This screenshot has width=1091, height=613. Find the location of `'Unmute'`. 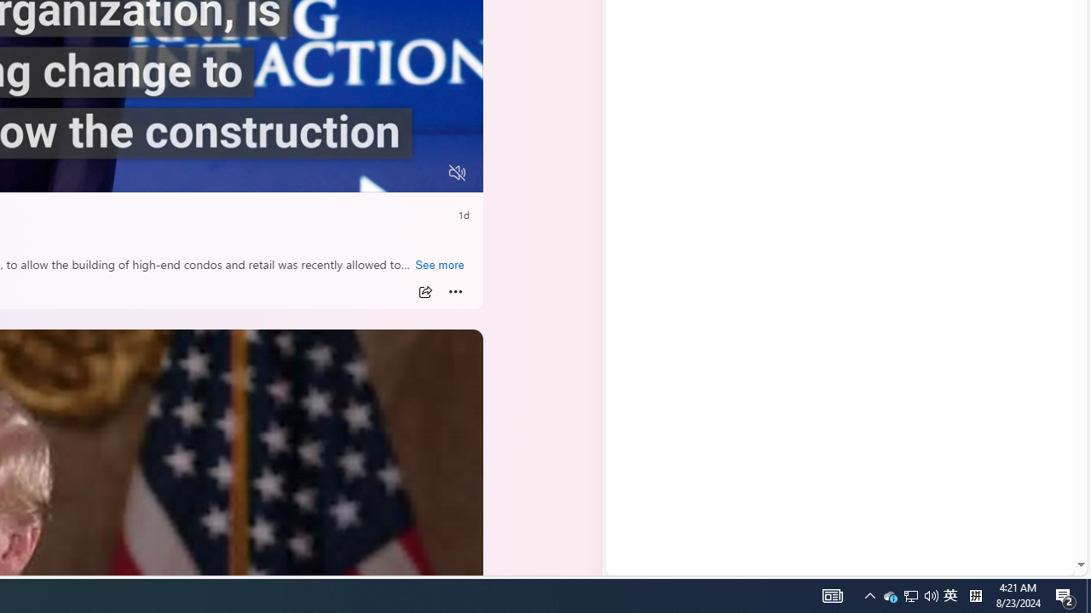

'Unmute' is located at coordinates (457, 173).